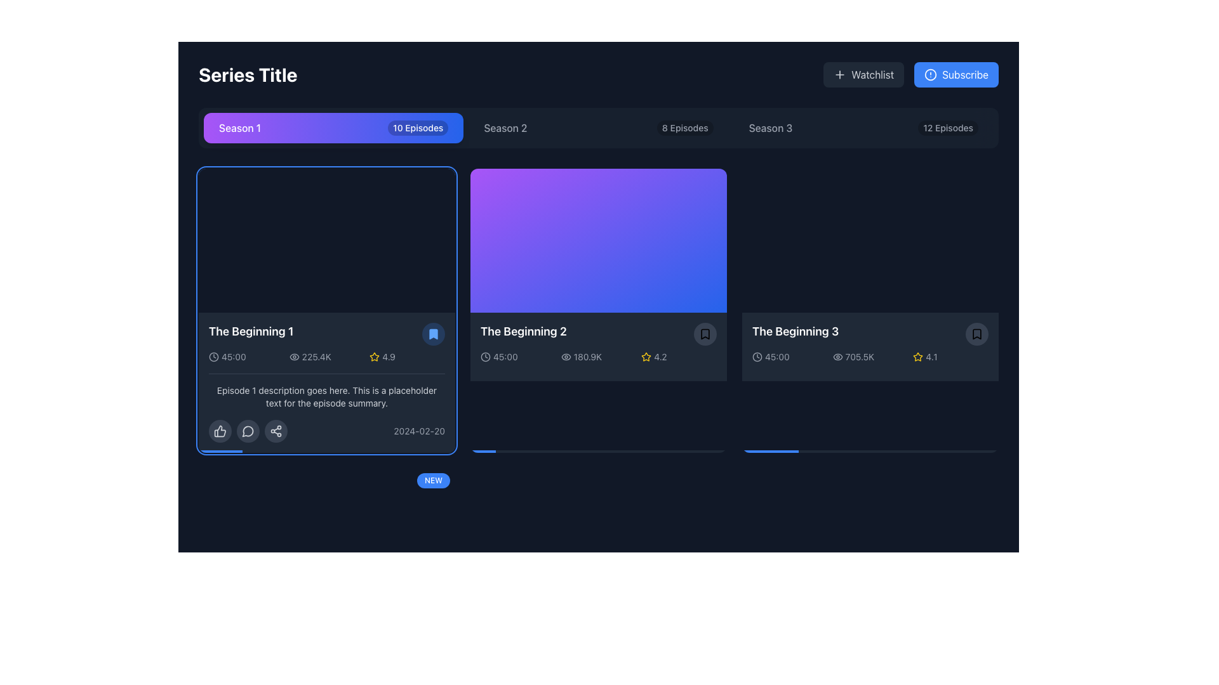  I want to click on the decorative rating score icon that visually represents a score of '4.9' and is located at the bottom-right corner of the first card in the series list, so click(374, 357).